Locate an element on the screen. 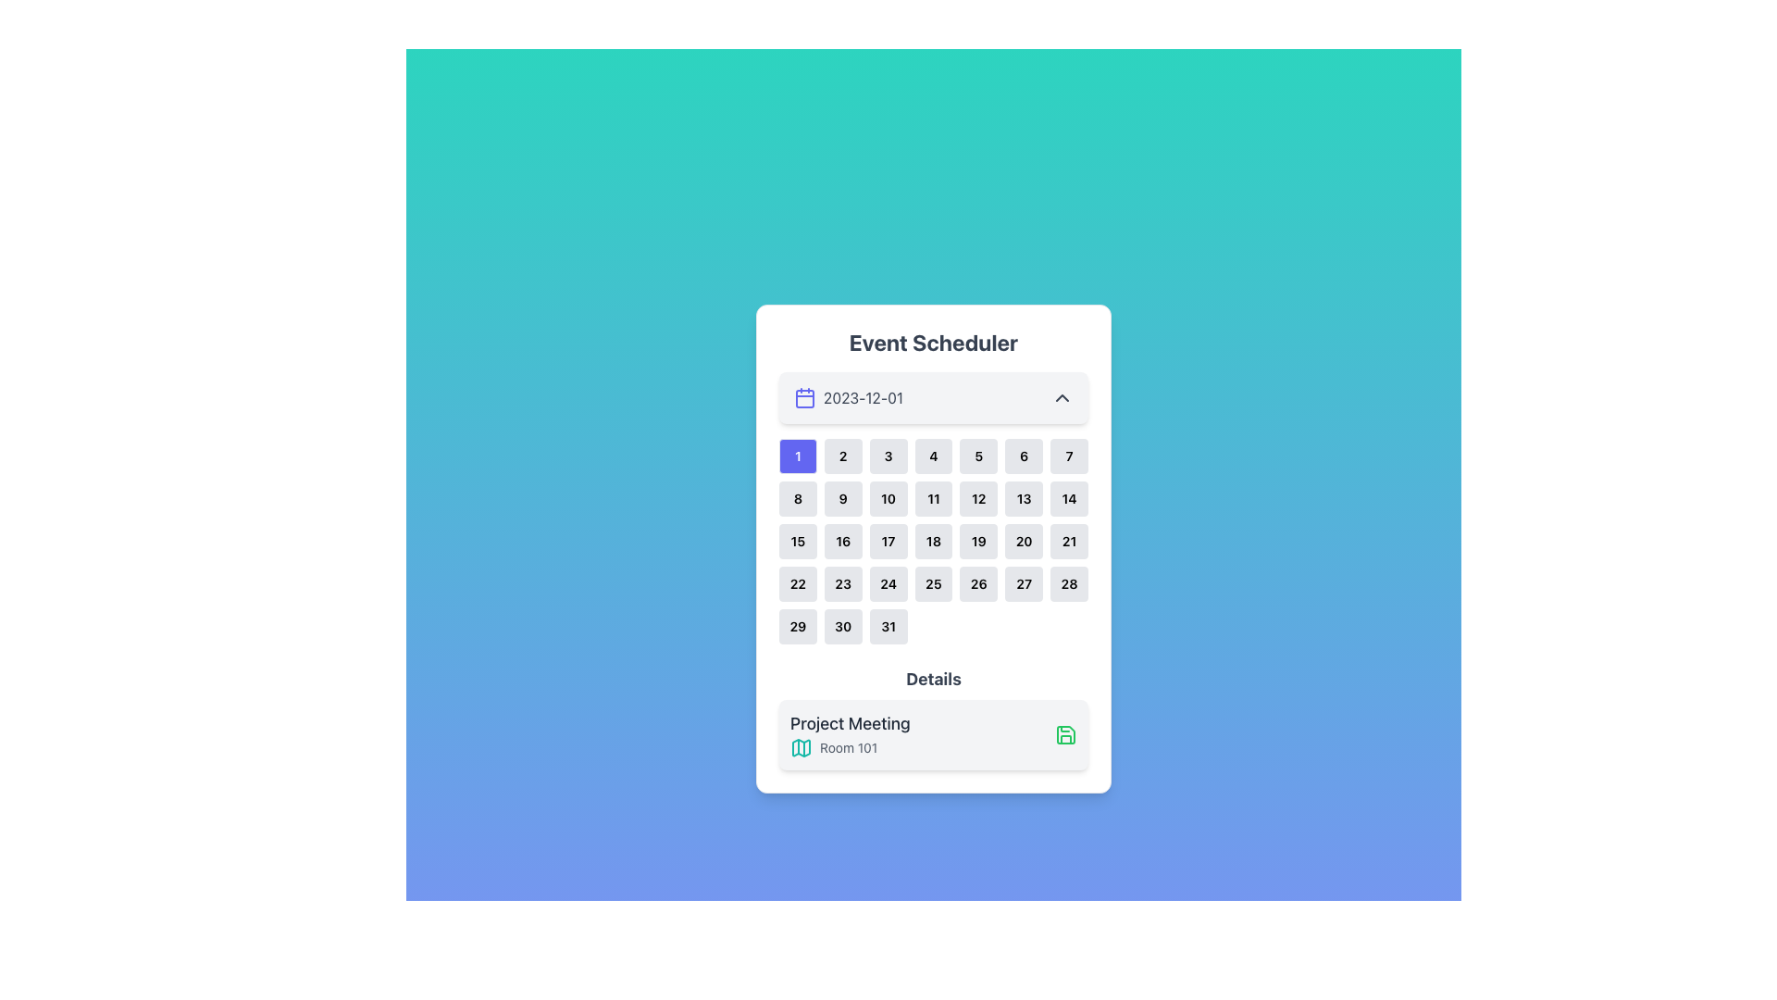 The height and width of the screenshot is (1000, 1777). the map icon associated with the room location below the 'Project Meeting' text is located at coordinates (848, 746).